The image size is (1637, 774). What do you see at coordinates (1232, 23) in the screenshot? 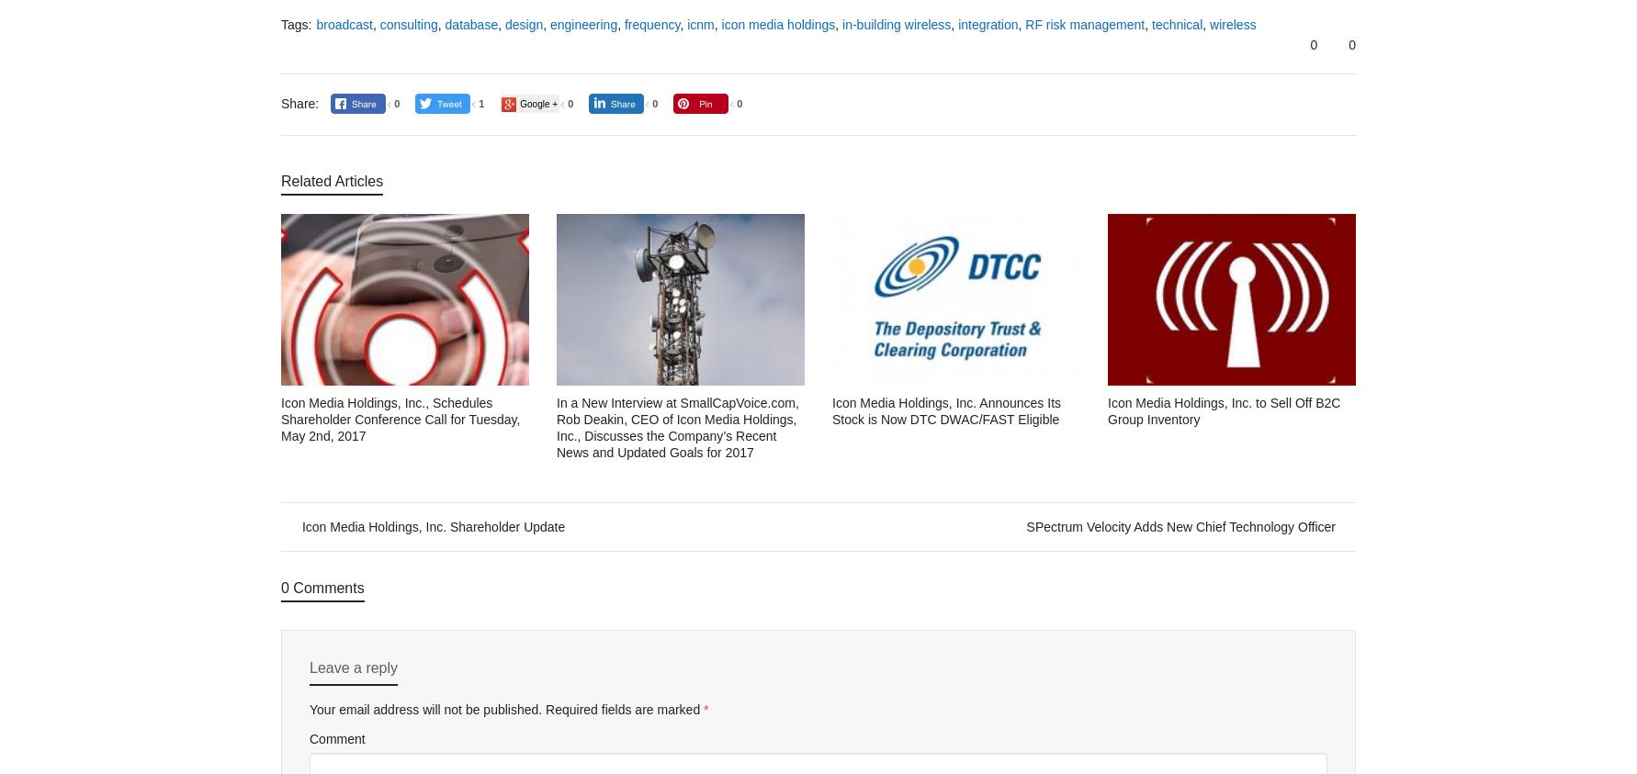
I see `'wireless'` at bounding box center [1232, 23].